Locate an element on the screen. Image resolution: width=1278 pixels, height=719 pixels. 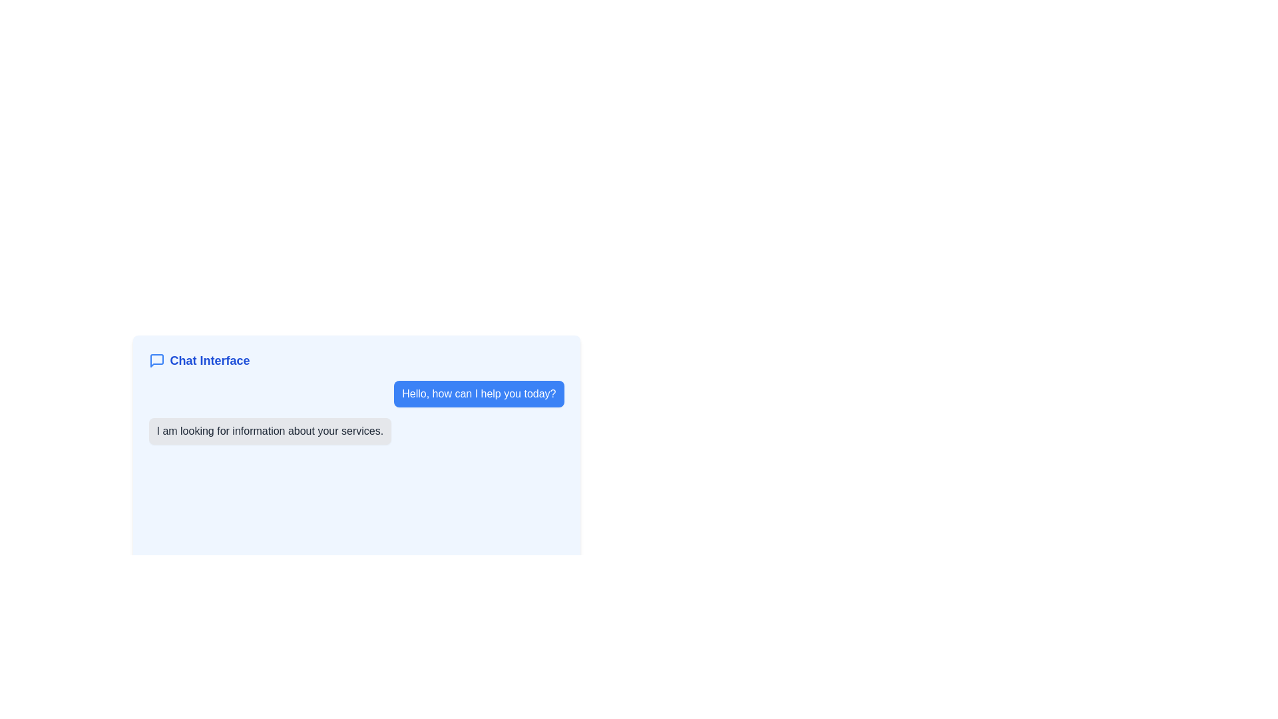
the second message in the chat interface, which displays user input or a conversational reply, positioned below the previous message 'Hello, how can I help you today?' is located at coordinates (356, 431).